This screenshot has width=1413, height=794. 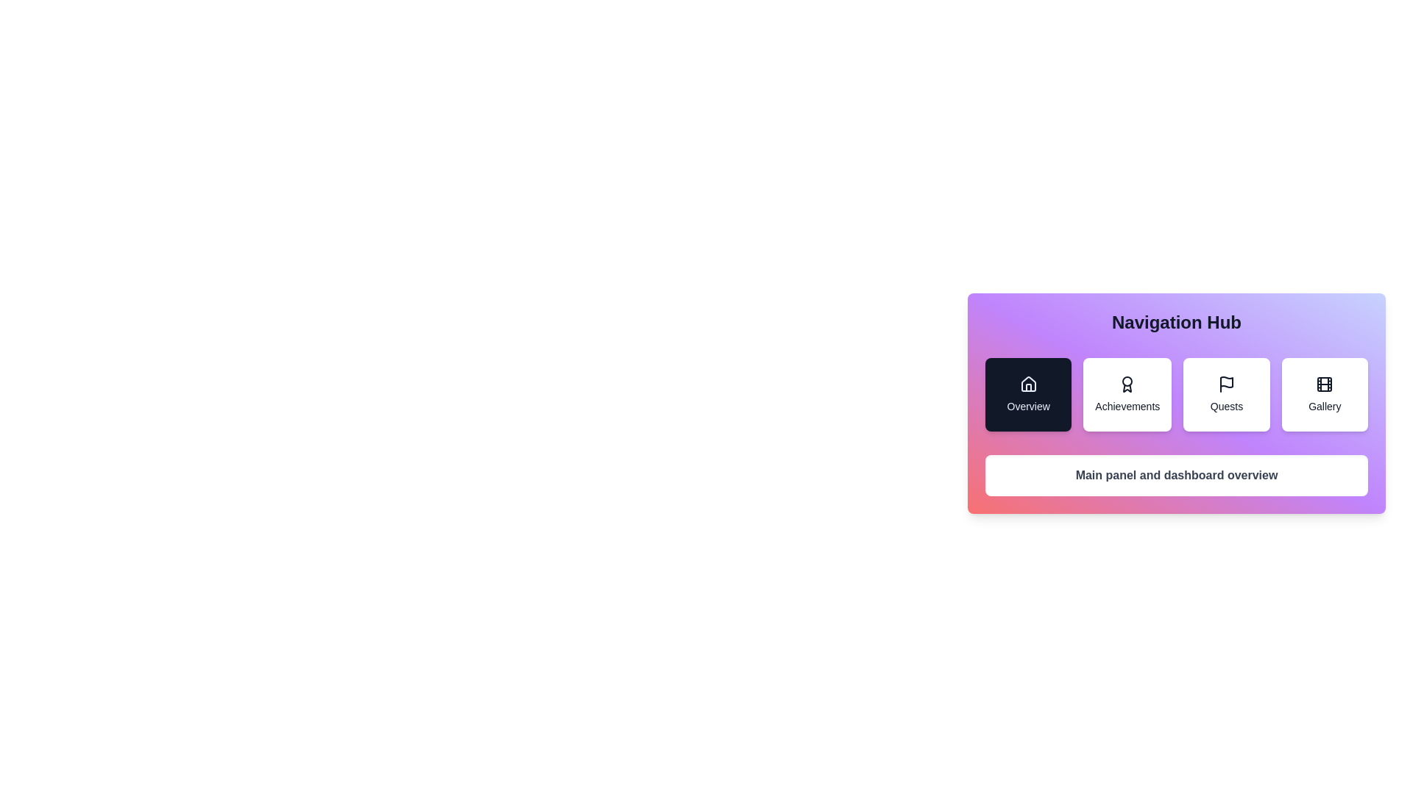 What do you see at coordinates (1226, 393) in the screenshot?
I see `the 'Quests' button, which is a white rectangular button with rounded corners and a flag icon` at bounding box center [1226, 393].